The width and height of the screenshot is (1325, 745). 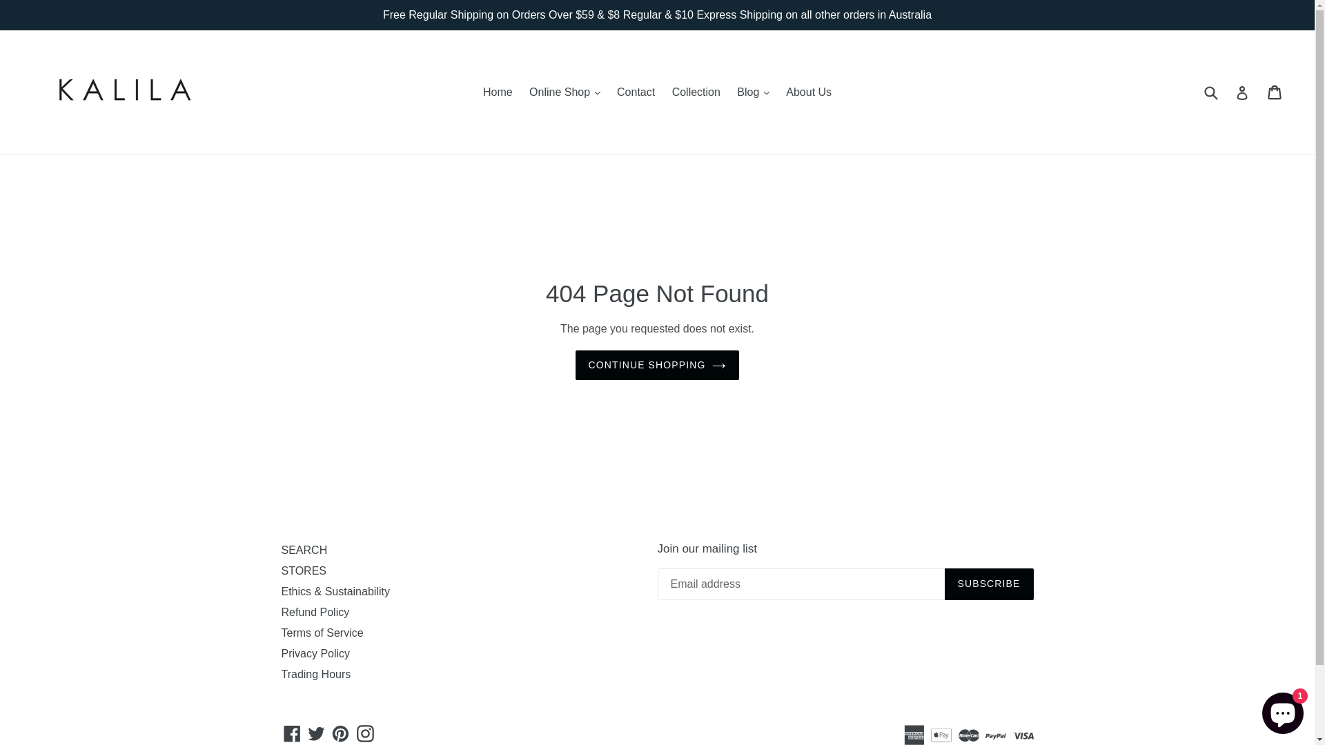 What do you see at coordinates (635, 92) in the screenshot?
I see `'Contact'` at bounding box center [635, 92].